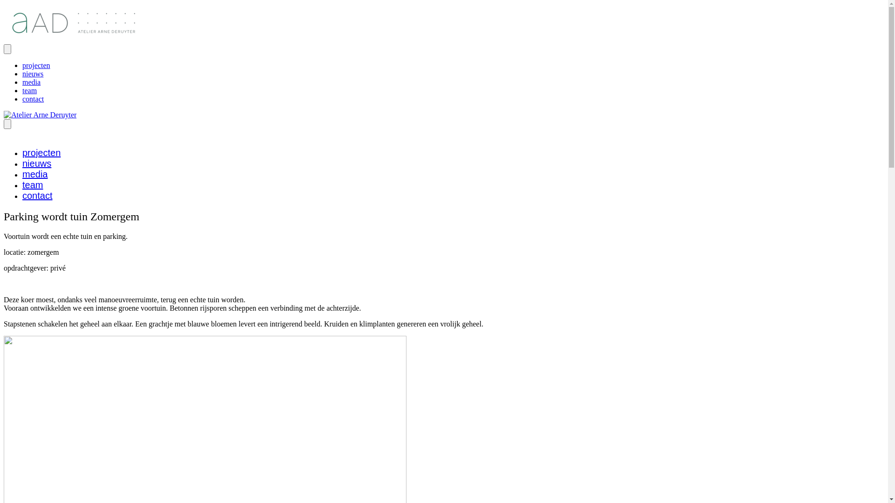 Image resolution: width=895 pixels, height=503 pixels. I want to click on 'nieuws', so click(36, 163).